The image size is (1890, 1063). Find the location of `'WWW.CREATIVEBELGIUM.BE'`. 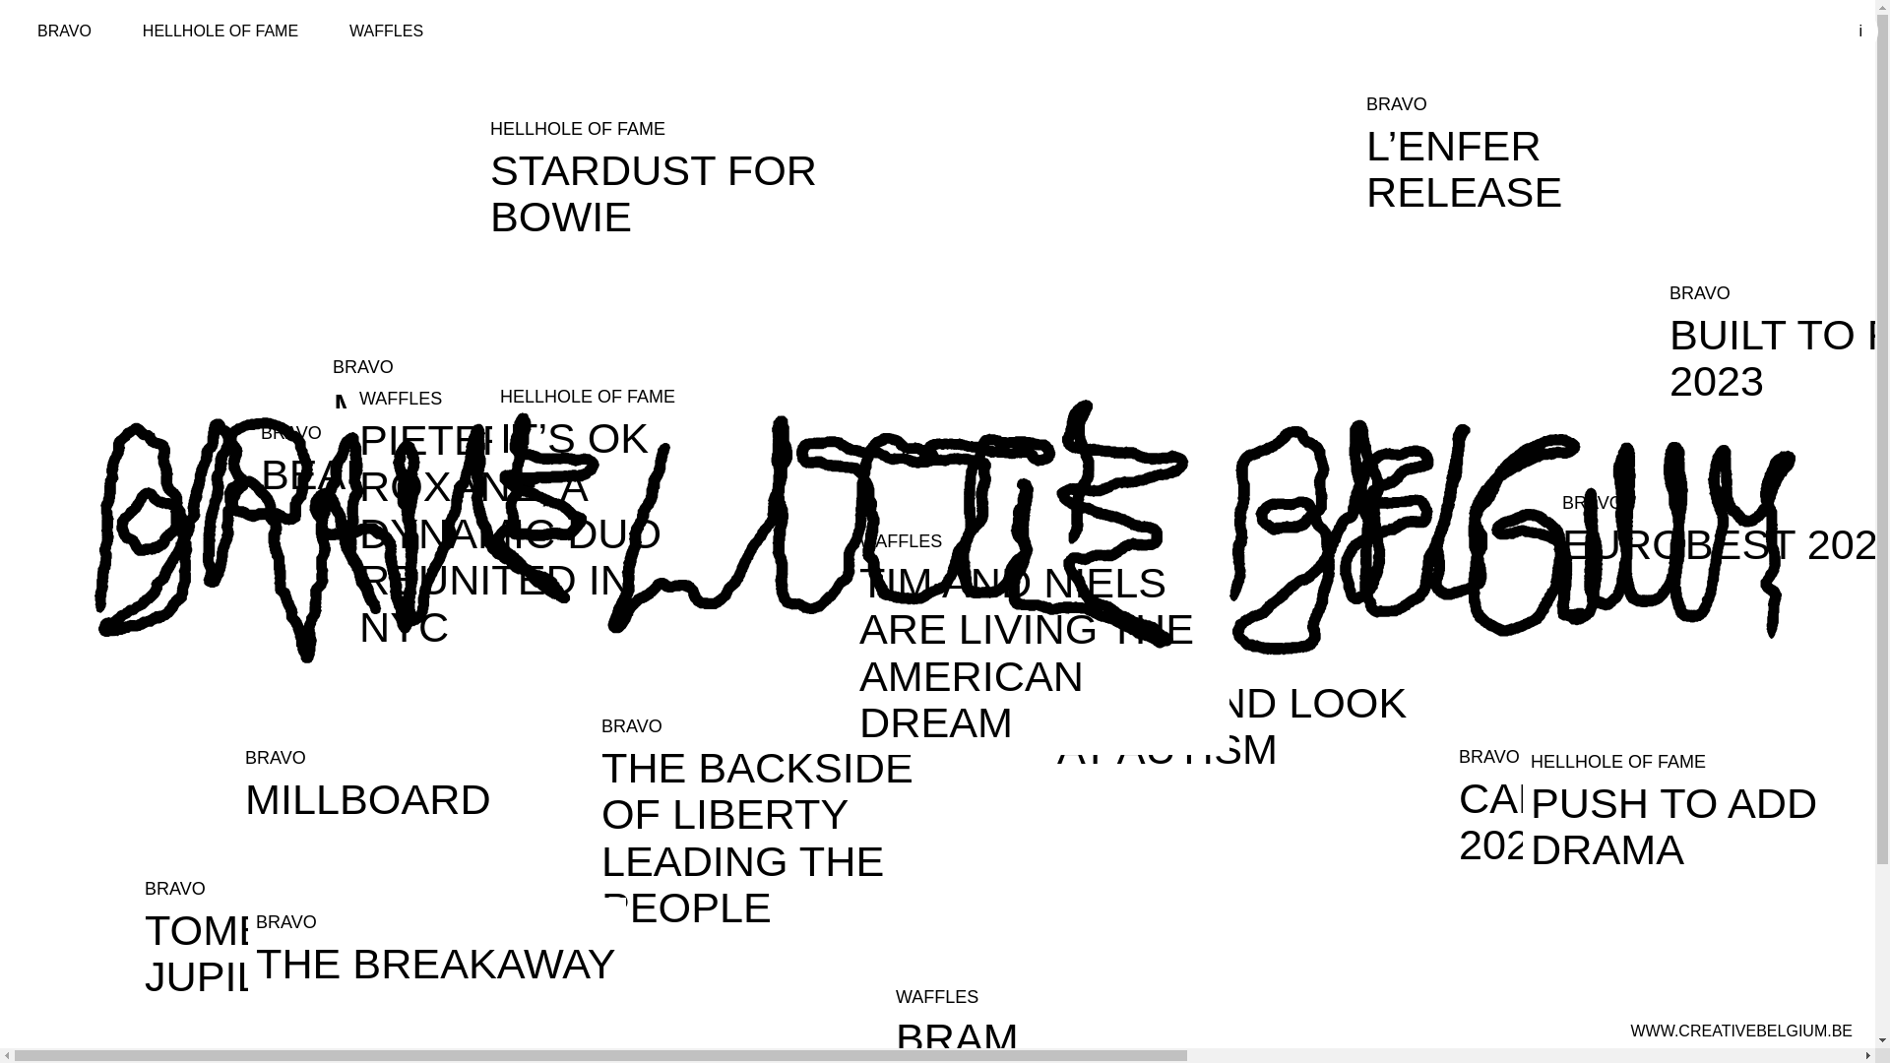

'WWW.CREATIVEBELGIUM.BE' is located at coordinates (1741, 1031).